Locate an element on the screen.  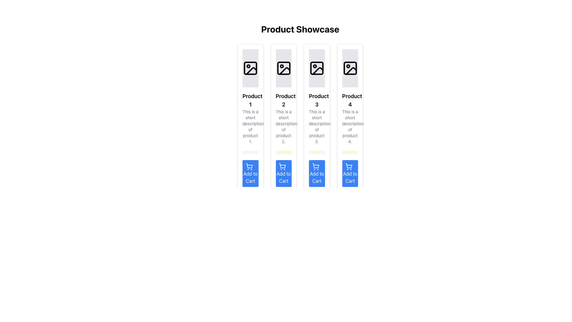
the SVG icon representing the rating system located in the fourth product card, positioned below the product description and above the 'Add to Cart' button is located at coordinates (343, 152).